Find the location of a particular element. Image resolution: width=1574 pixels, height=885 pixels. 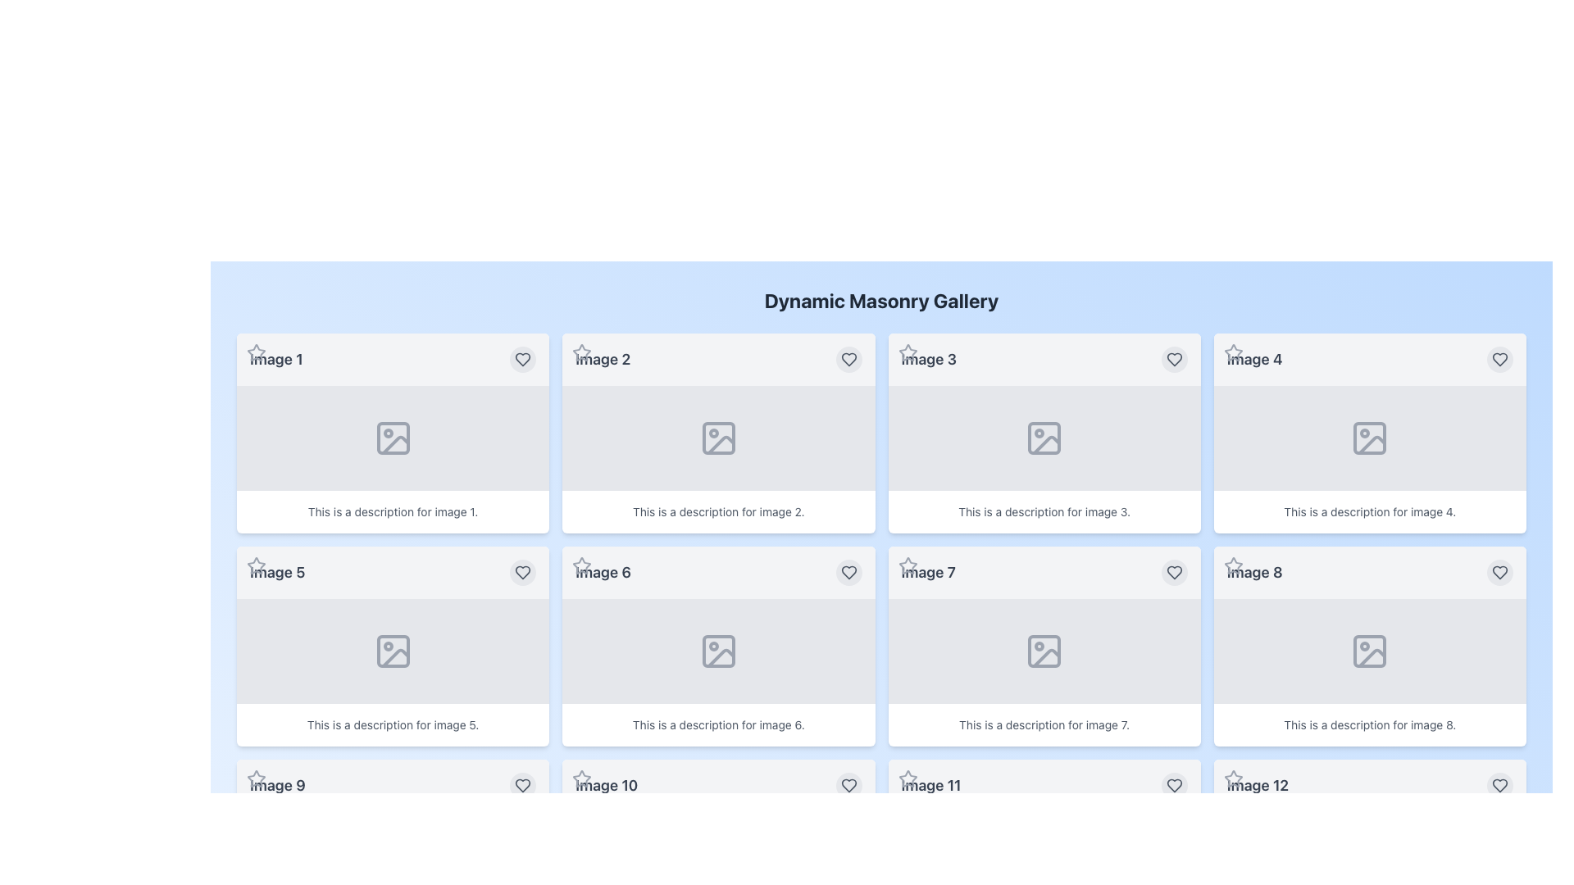

the heart-shaped SVG icon located in the upper-right corner of the card labeled 'Image 2' in the masonry gallery is located at coordinates (848, 359).